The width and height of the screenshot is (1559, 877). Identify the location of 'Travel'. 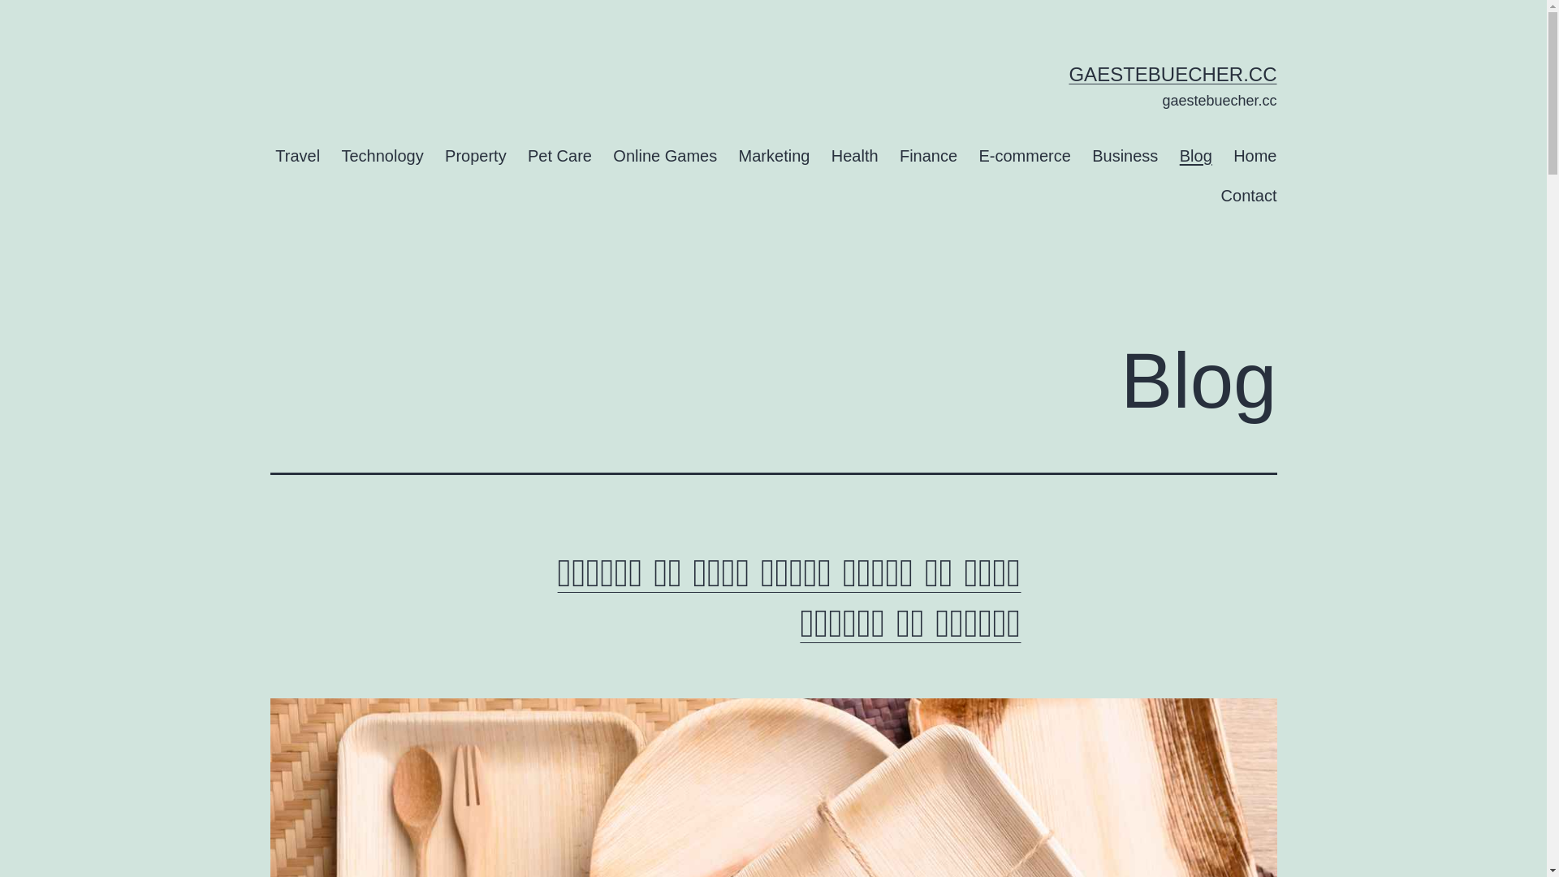
(297, 155).